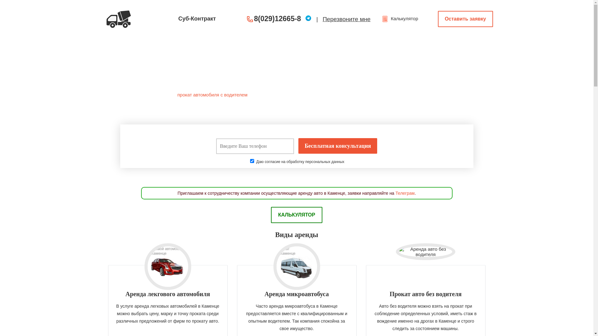 The height and width of the screenshot is (336, 598). I want to click on '8(029)12665-8', so click(254, 18).